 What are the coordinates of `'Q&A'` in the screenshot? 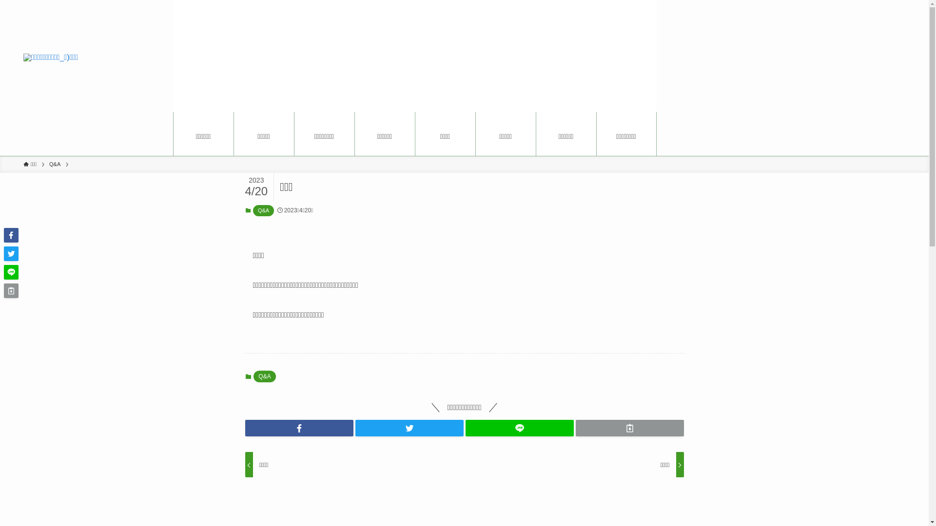 It's located at (263, 210).